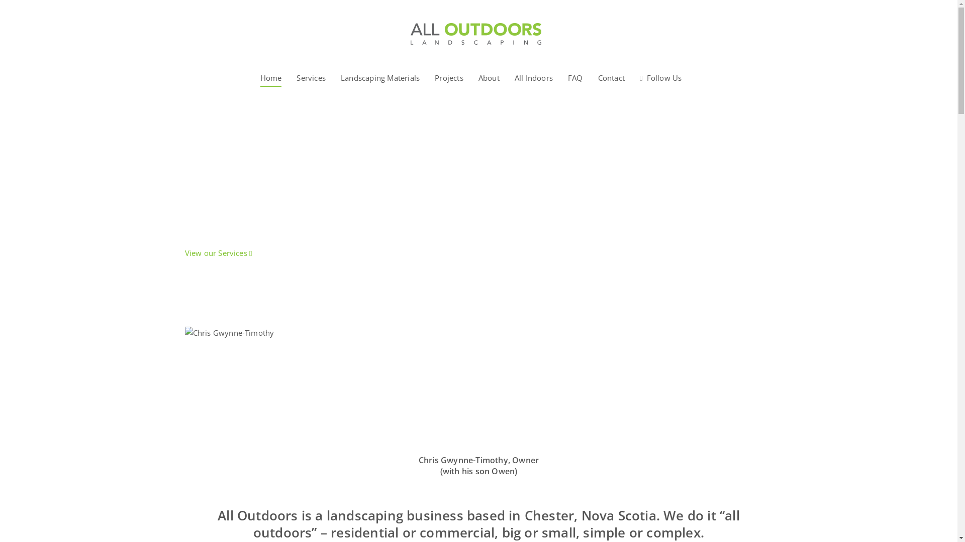 This screenshot has height=542, width=965. I want to click on 'Projects', so click(434, 77).